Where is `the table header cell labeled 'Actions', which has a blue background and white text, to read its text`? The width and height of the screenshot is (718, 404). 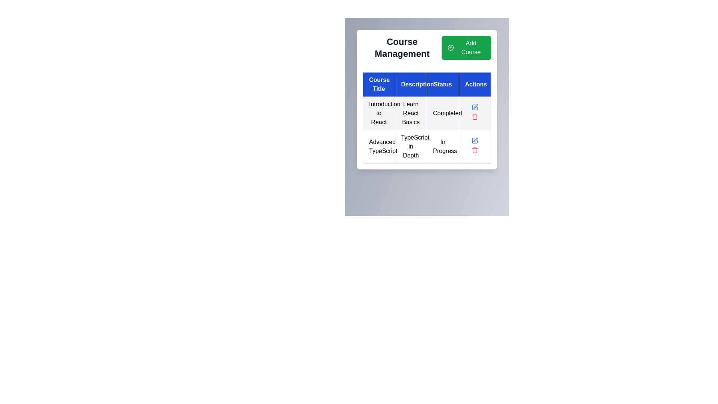 the table header cell labeled 'Actions', which has a blue background and white text, to read its text is located at coordinates (474, 84).